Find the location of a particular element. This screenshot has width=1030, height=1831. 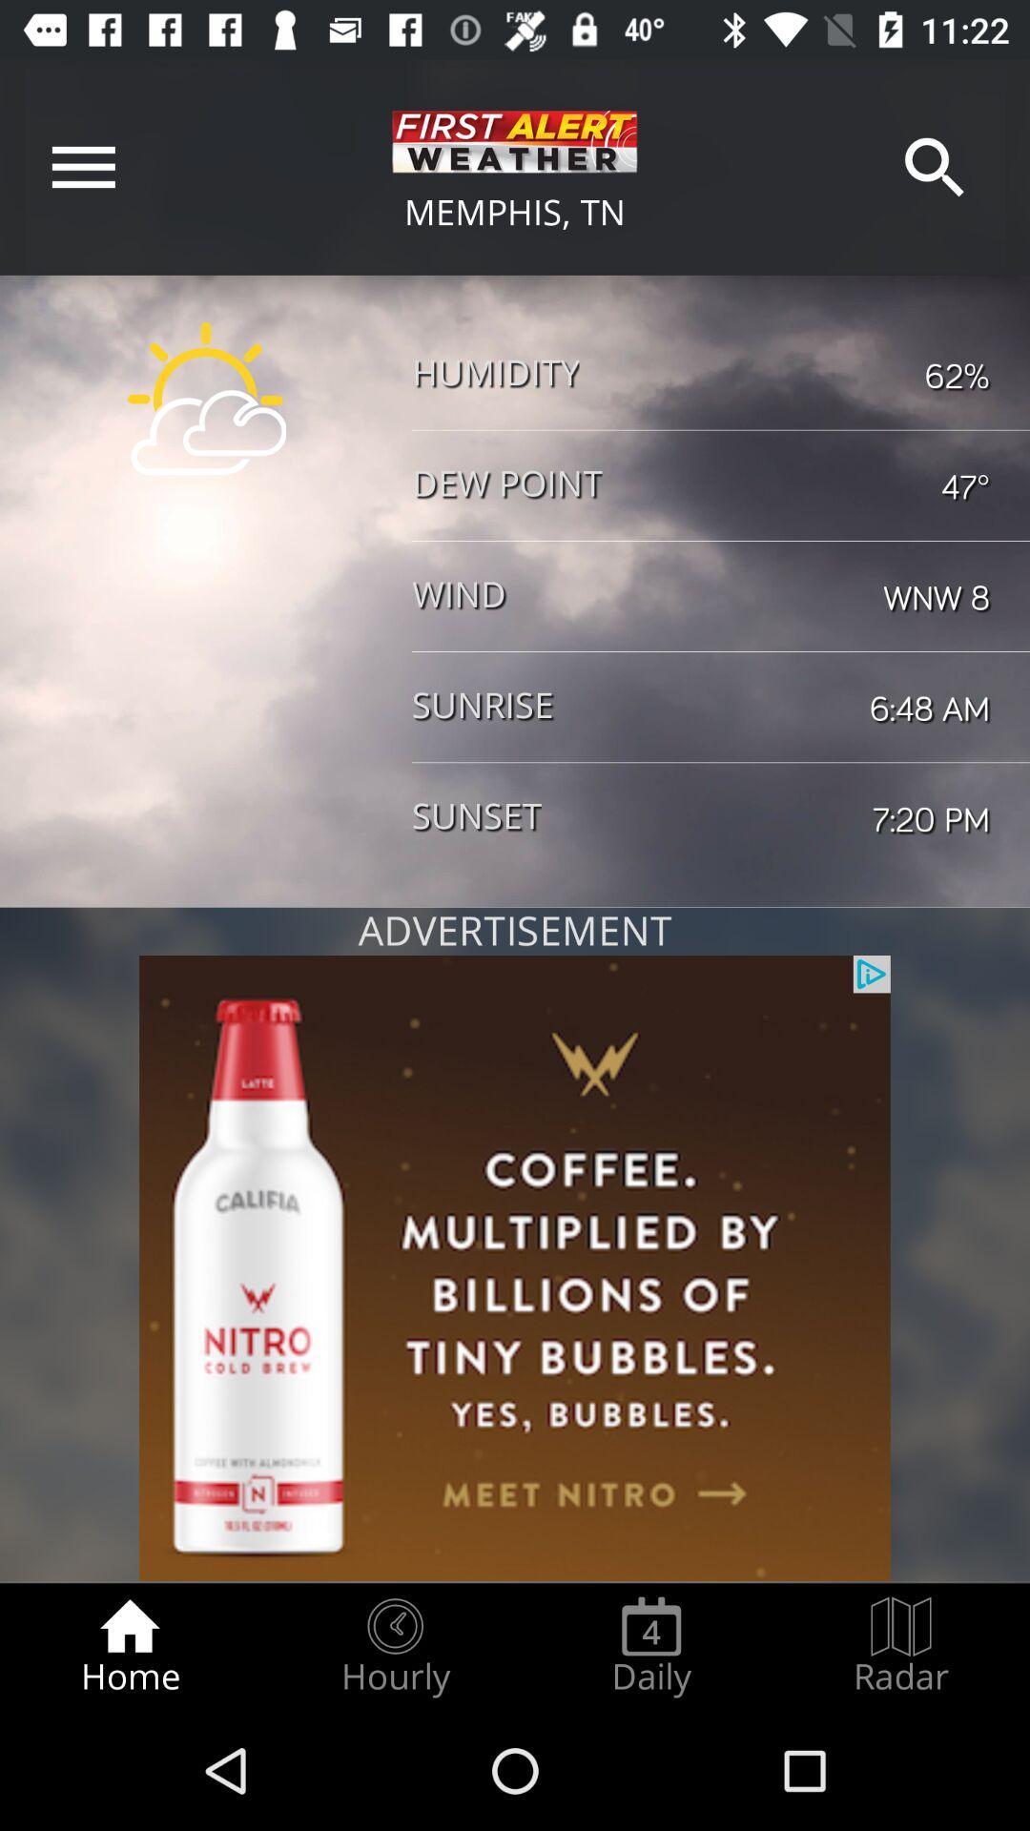

the radio button at the bottom left corner is located at coordinates (129, 1646).